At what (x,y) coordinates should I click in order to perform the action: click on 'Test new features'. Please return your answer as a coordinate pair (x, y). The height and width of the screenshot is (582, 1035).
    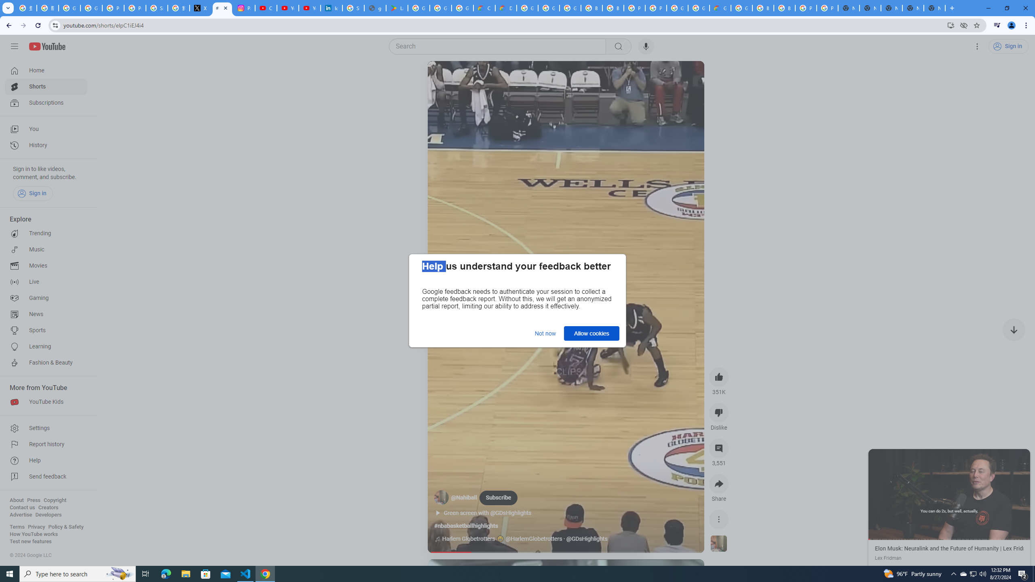
    Looking at the image, I should click on (30, 541).